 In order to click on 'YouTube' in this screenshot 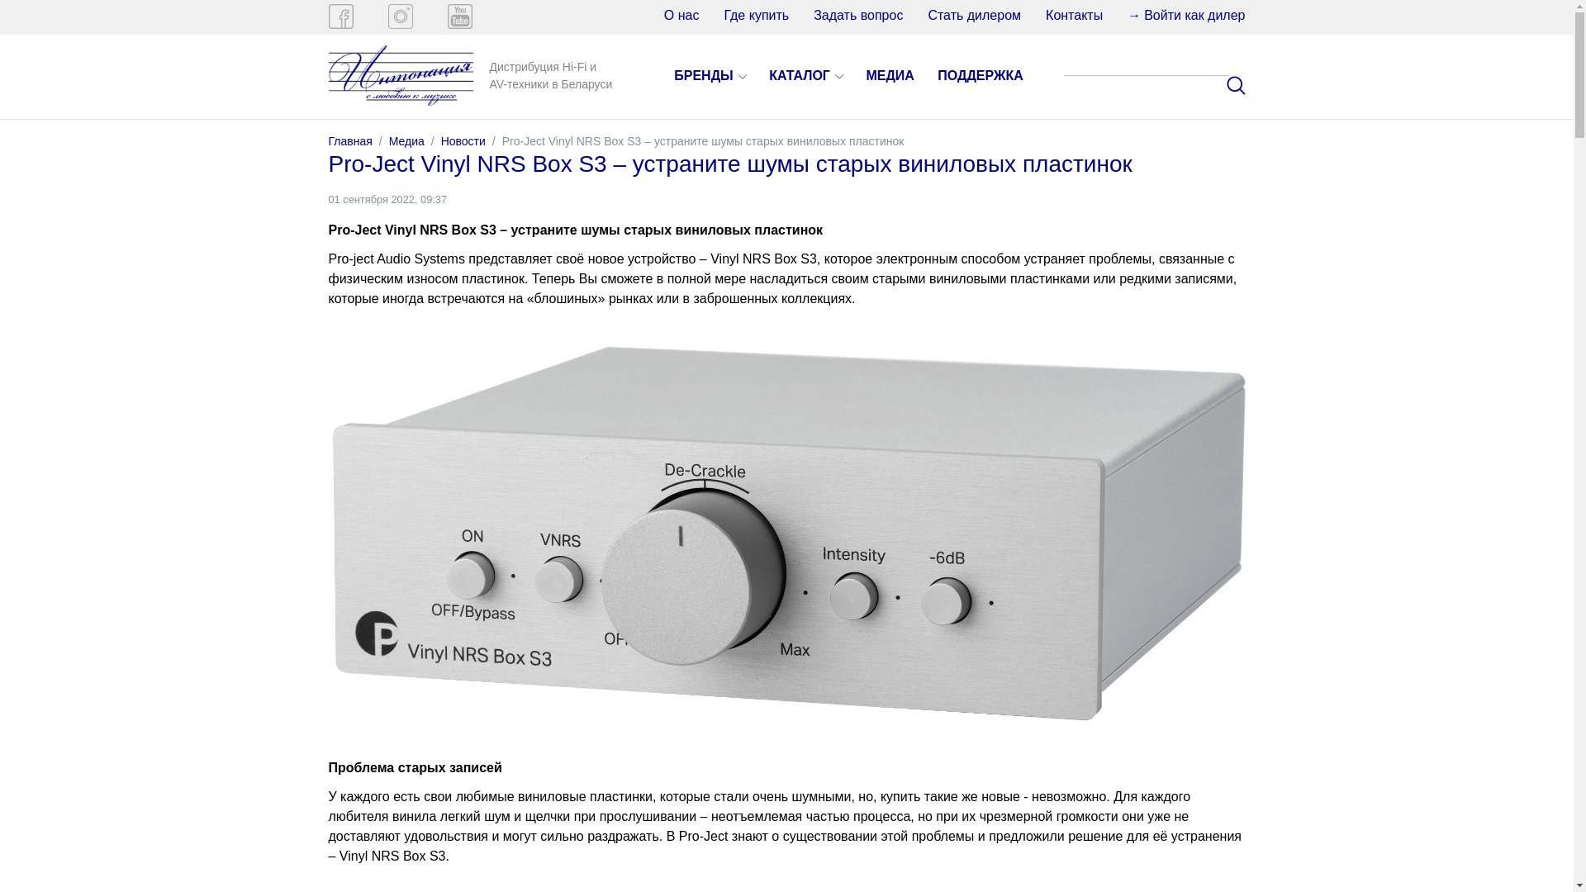, I will do `click(459, 16)`.